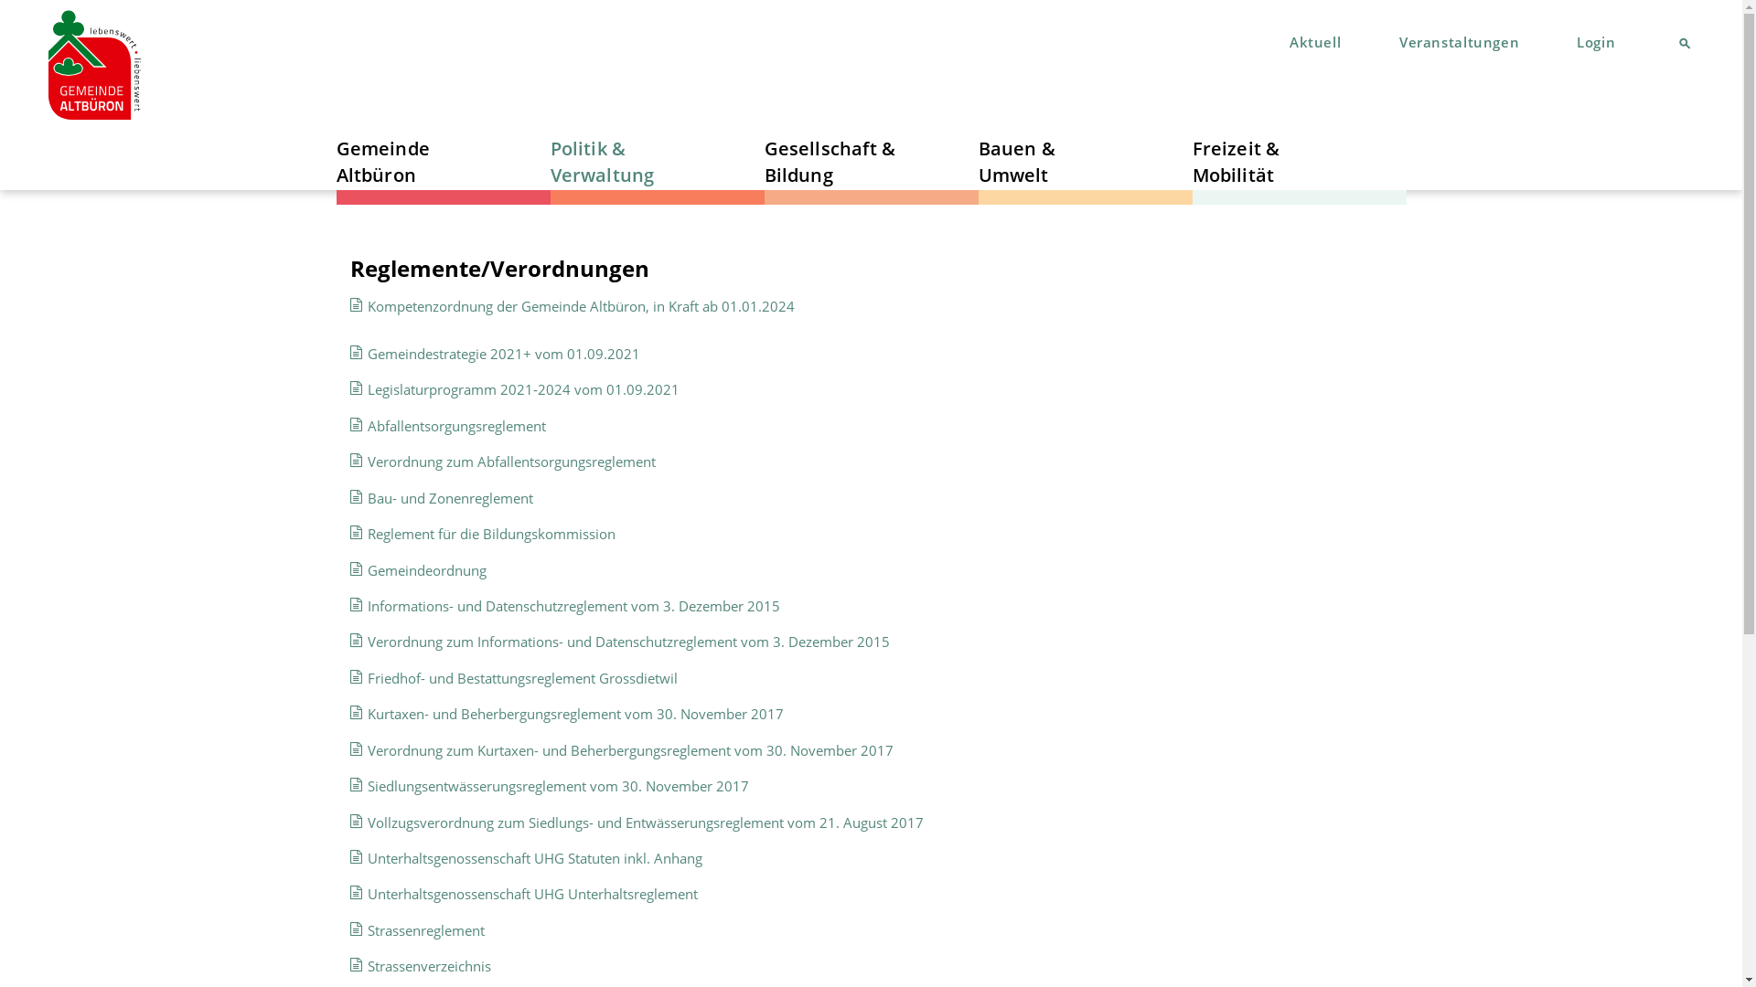 The image size is (1756, 987). Describe the element at coordinates (534, 857) in the screenshot. I see `'Unterhaltsgenossenschaft UHG Statuten inkl. Anhang'` at that location.